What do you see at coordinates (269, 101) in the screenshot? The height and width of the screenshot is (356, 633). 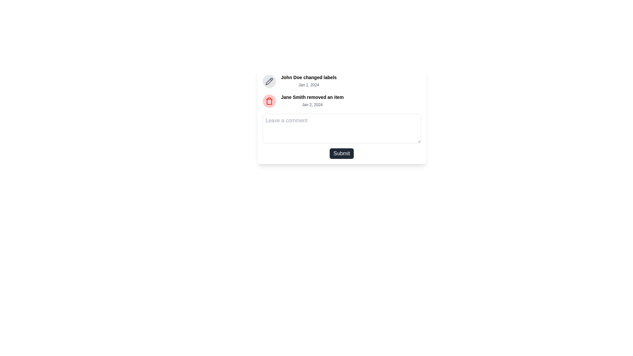 I see `the trash icon within the second event log item next to 'Jane Smith removed an item - Jan 2, 2024', which is depicted inside a circular red-shaded background` at bounding box center [269, 101].